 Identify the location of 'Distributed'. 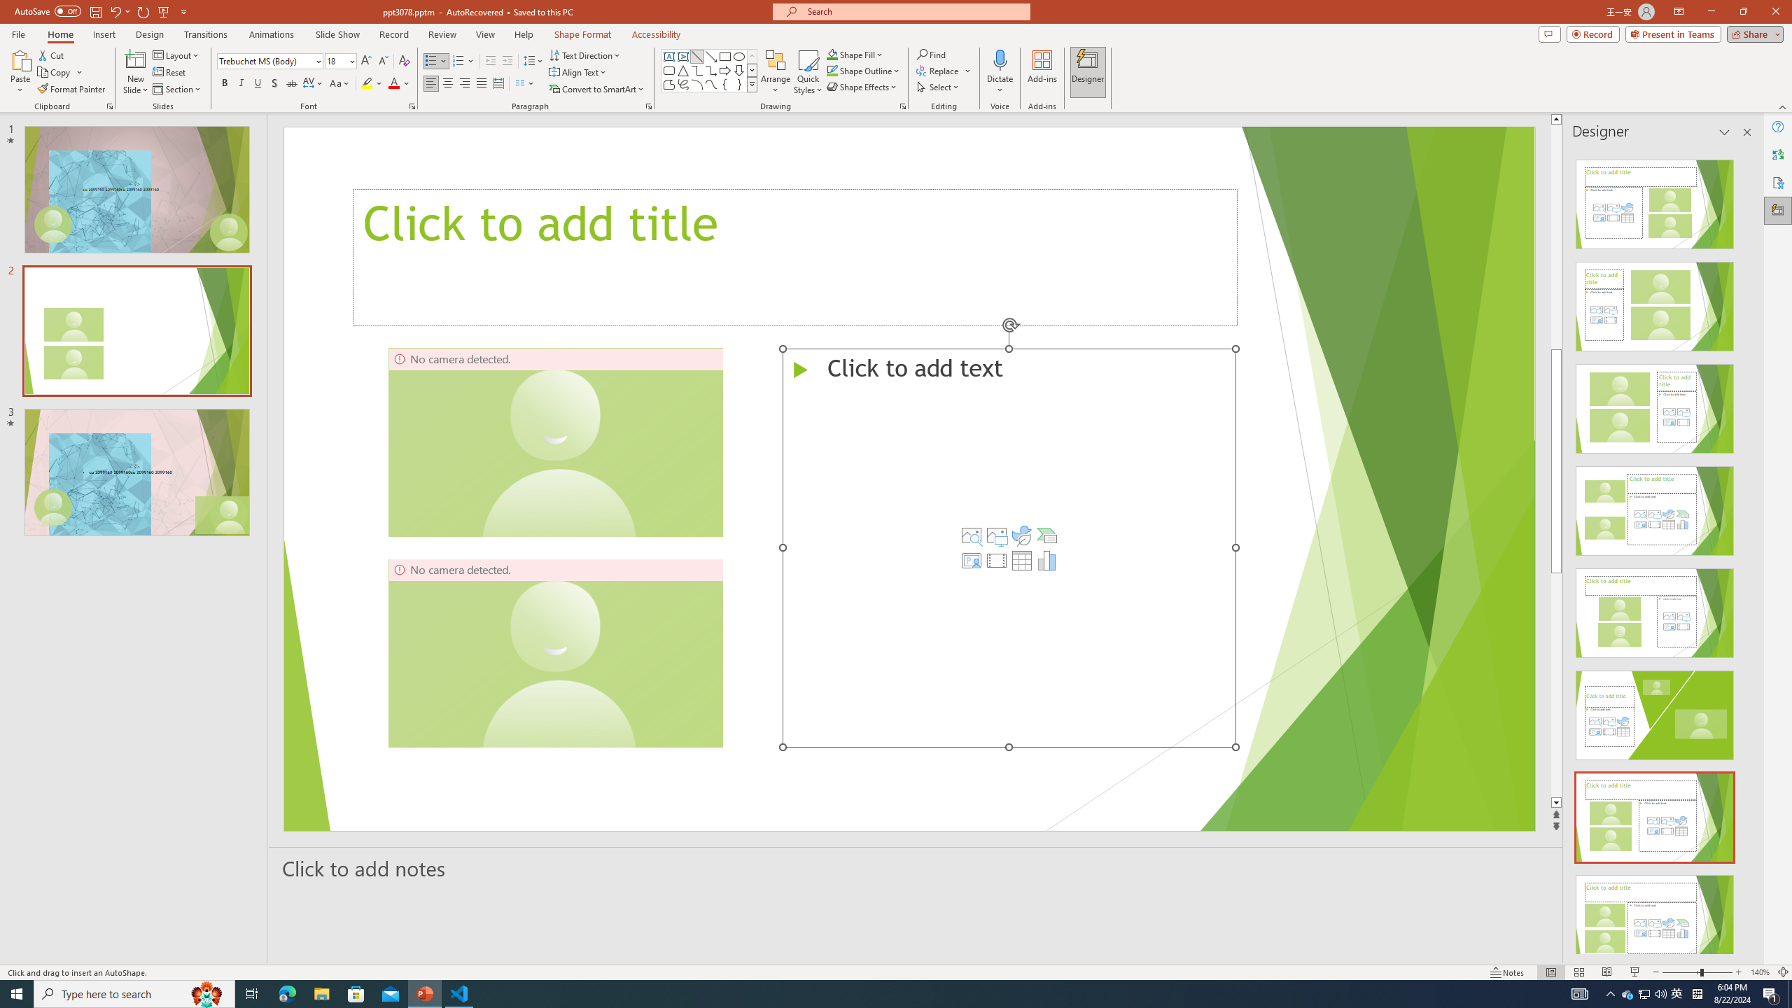
(497, 83).